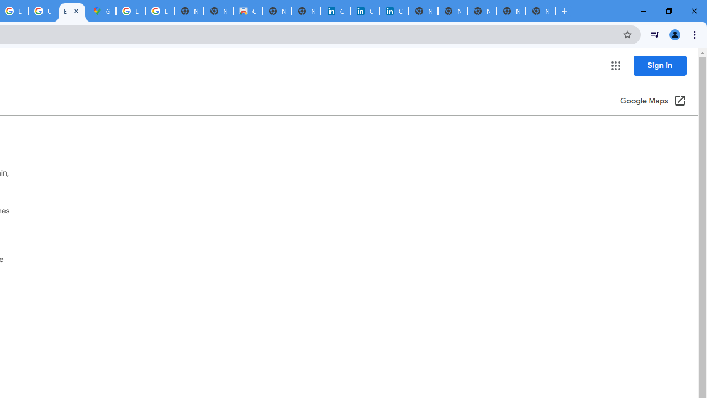 Image resolution: width=707 pixels, height=398 pixels. Describe the element at coordinates (653, 101) in the screenshot. I see `'Google Maps (Open in a new window)'` at that location.